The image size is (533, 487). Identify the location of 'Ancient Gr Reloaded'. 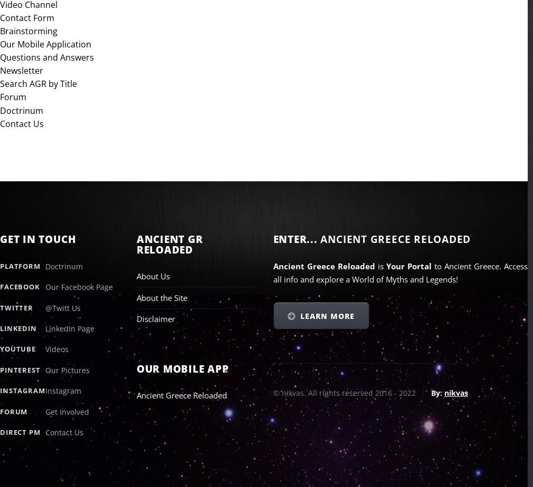
(169, 244).